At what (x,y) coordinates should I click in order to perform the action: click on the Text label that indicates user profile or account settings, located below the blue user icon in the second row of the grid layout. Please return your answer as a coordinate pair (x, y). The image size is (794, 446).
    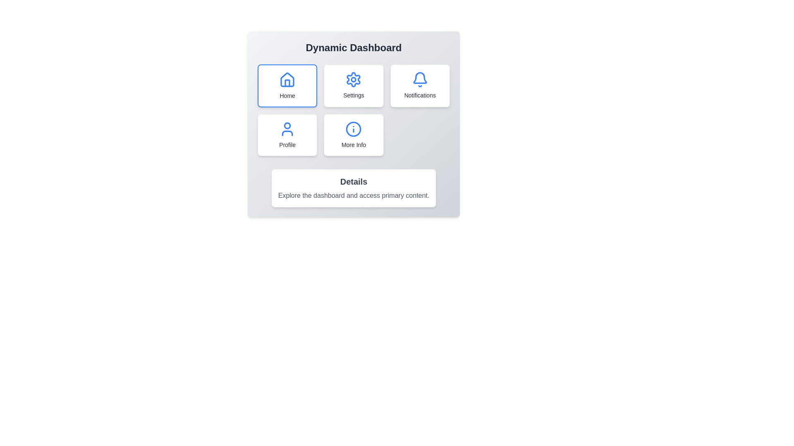
    Looking at the image, I should click on (287, 145).